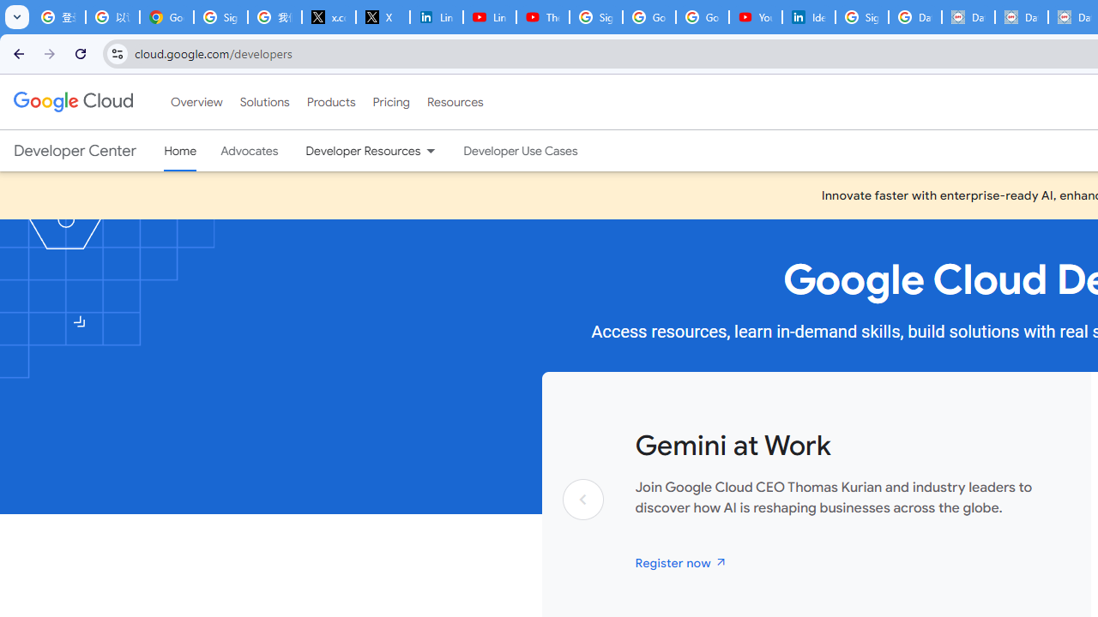  Describe the element at coordinates (72, 102) in the screenshot. I see `'Google Cloud'` at that location.